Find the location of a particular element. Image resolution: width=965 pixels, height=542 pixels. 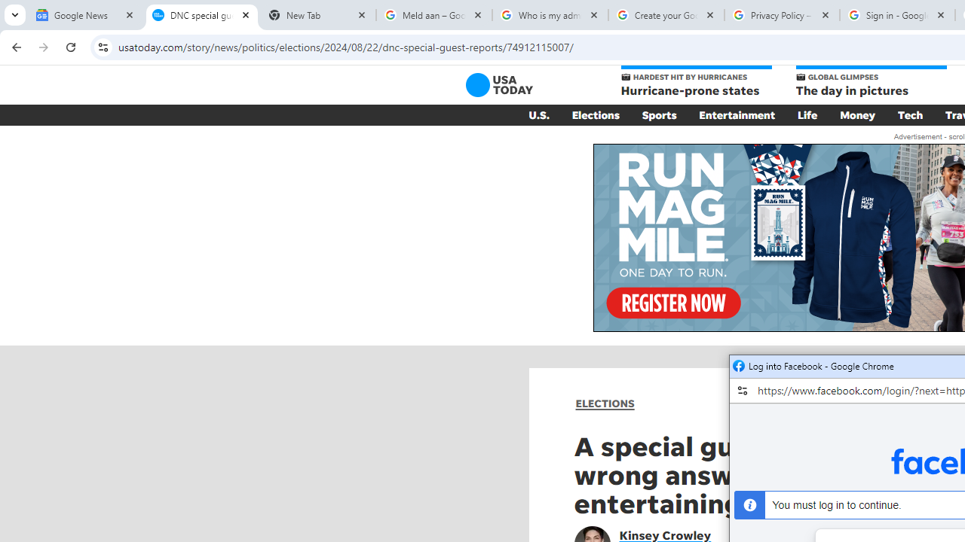

'ELECTIONS' is located at coordinates (605, 403).